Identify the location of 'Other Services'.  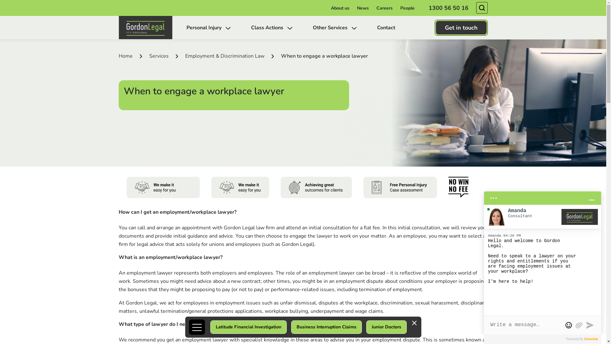
(334, 27).